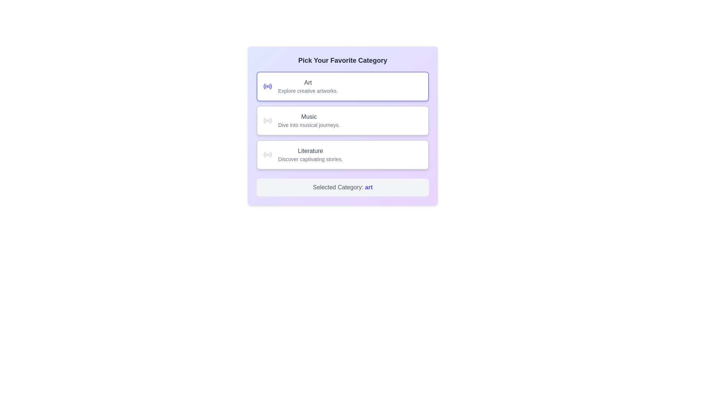 Image resolution: width=713 pixels, height=401 pixels. I want to click on the SVG icon depicting a radio symbol, which is located within the 'Music' button labeled 'Dive into musical journeys.', so click(267, 120).